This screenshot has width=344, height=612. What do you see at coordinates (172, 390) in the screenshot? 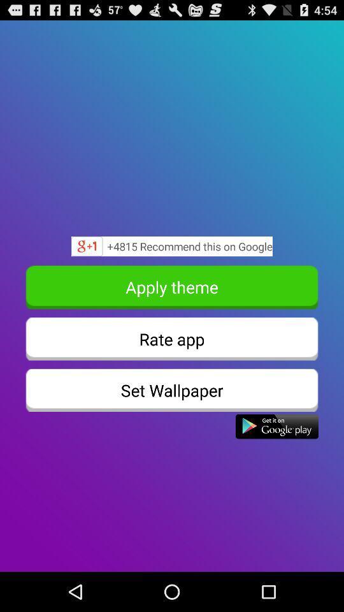
I see `button below the rate app button` at bounding box center [172, 390].